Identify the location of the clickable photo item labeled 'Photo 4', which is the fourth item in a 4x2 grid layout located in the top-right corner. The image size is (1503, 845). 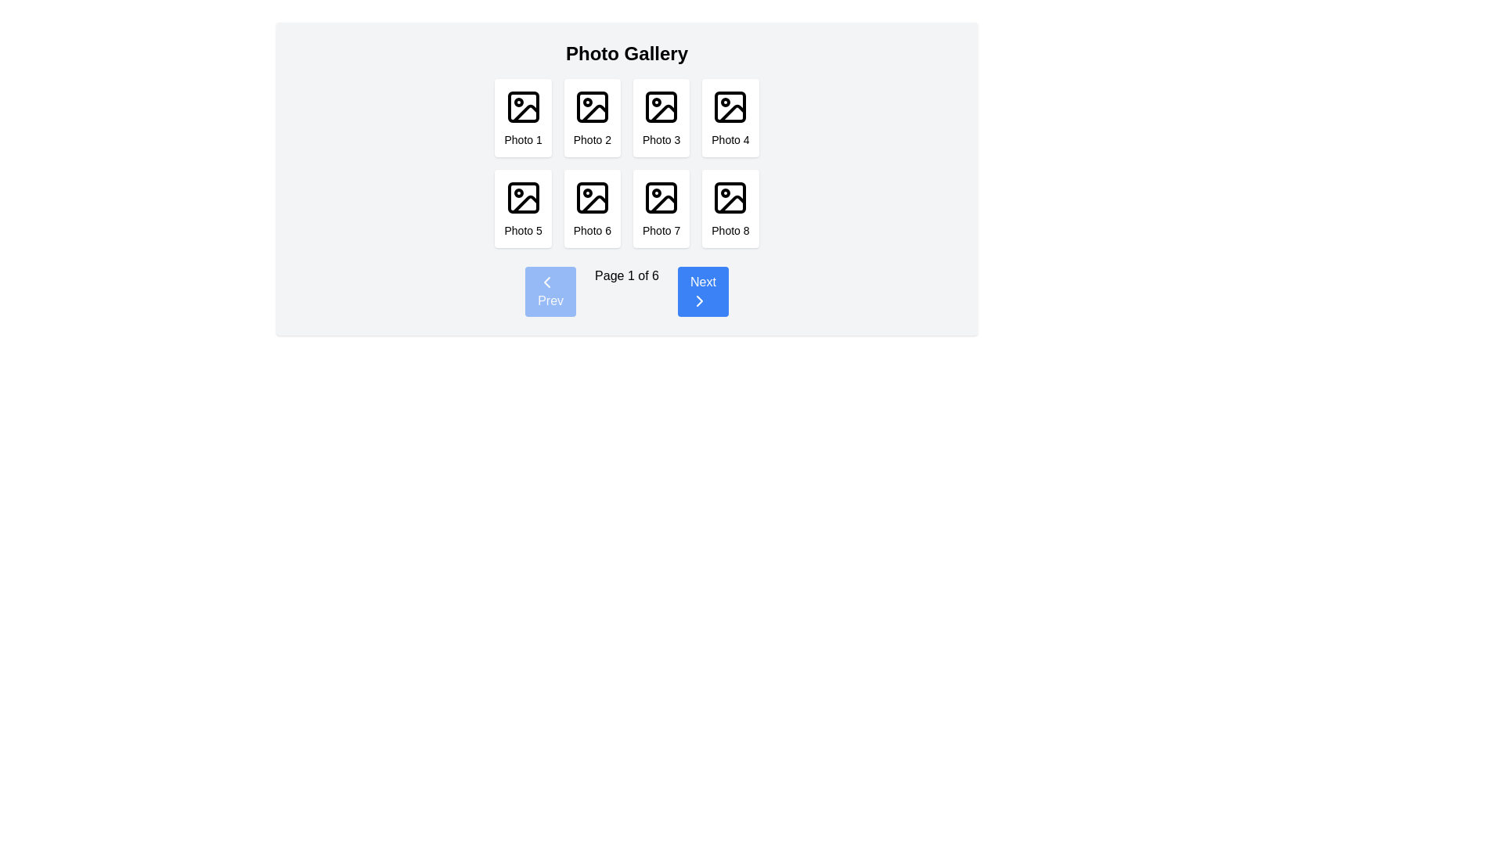
(730, 117).